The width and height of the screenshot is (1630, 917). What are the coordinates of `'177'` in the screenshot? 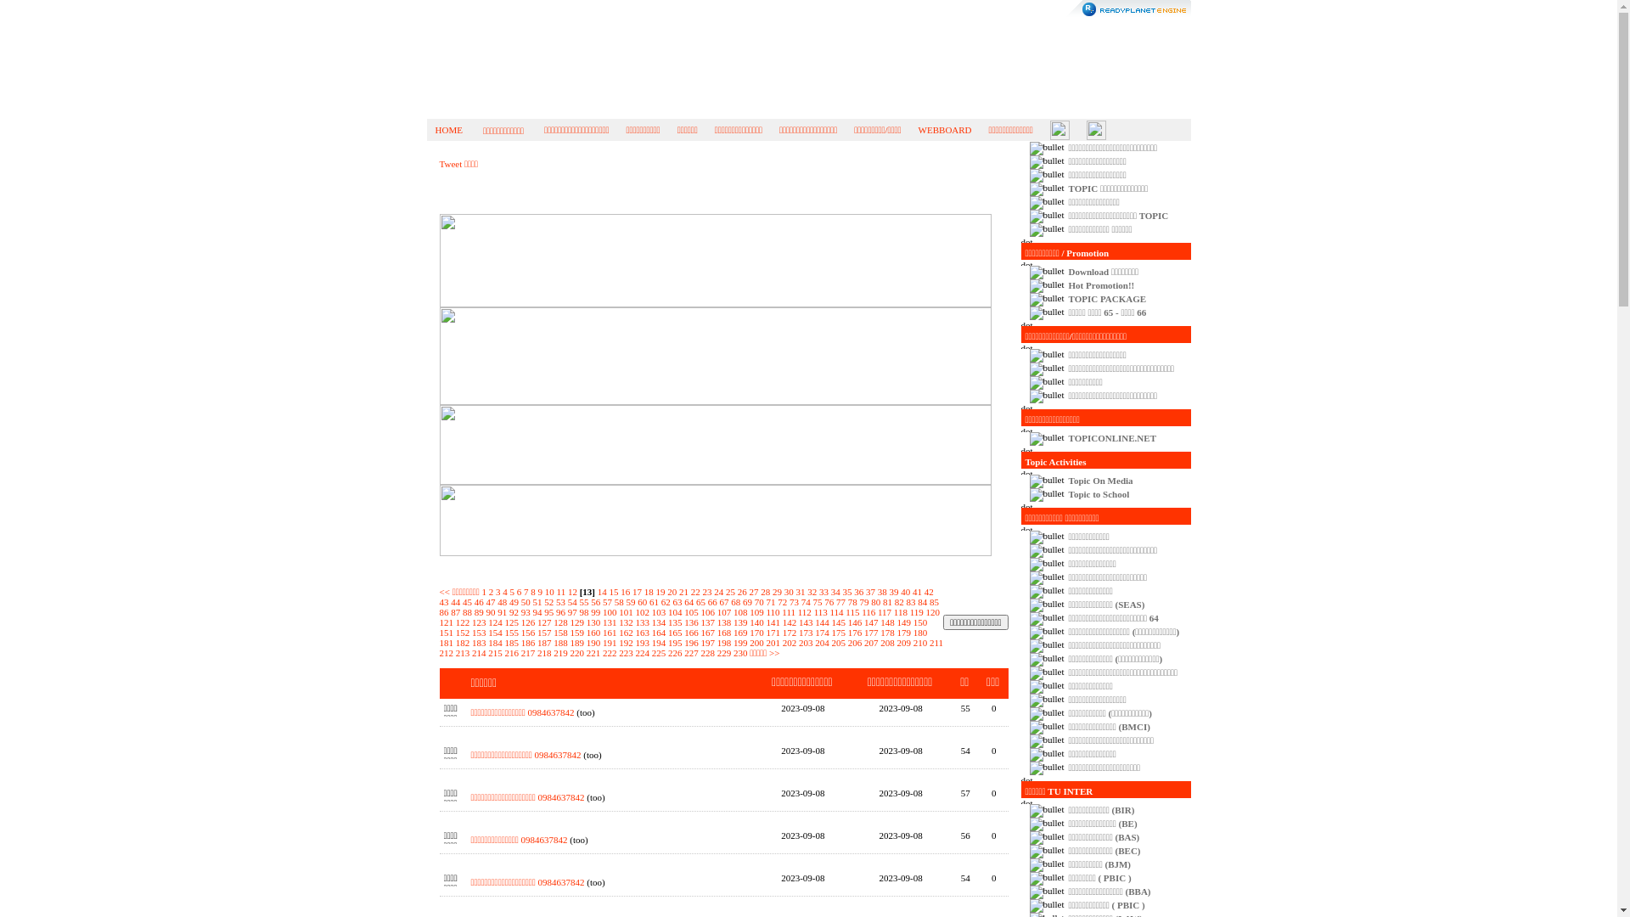 It's located at (871, 632).